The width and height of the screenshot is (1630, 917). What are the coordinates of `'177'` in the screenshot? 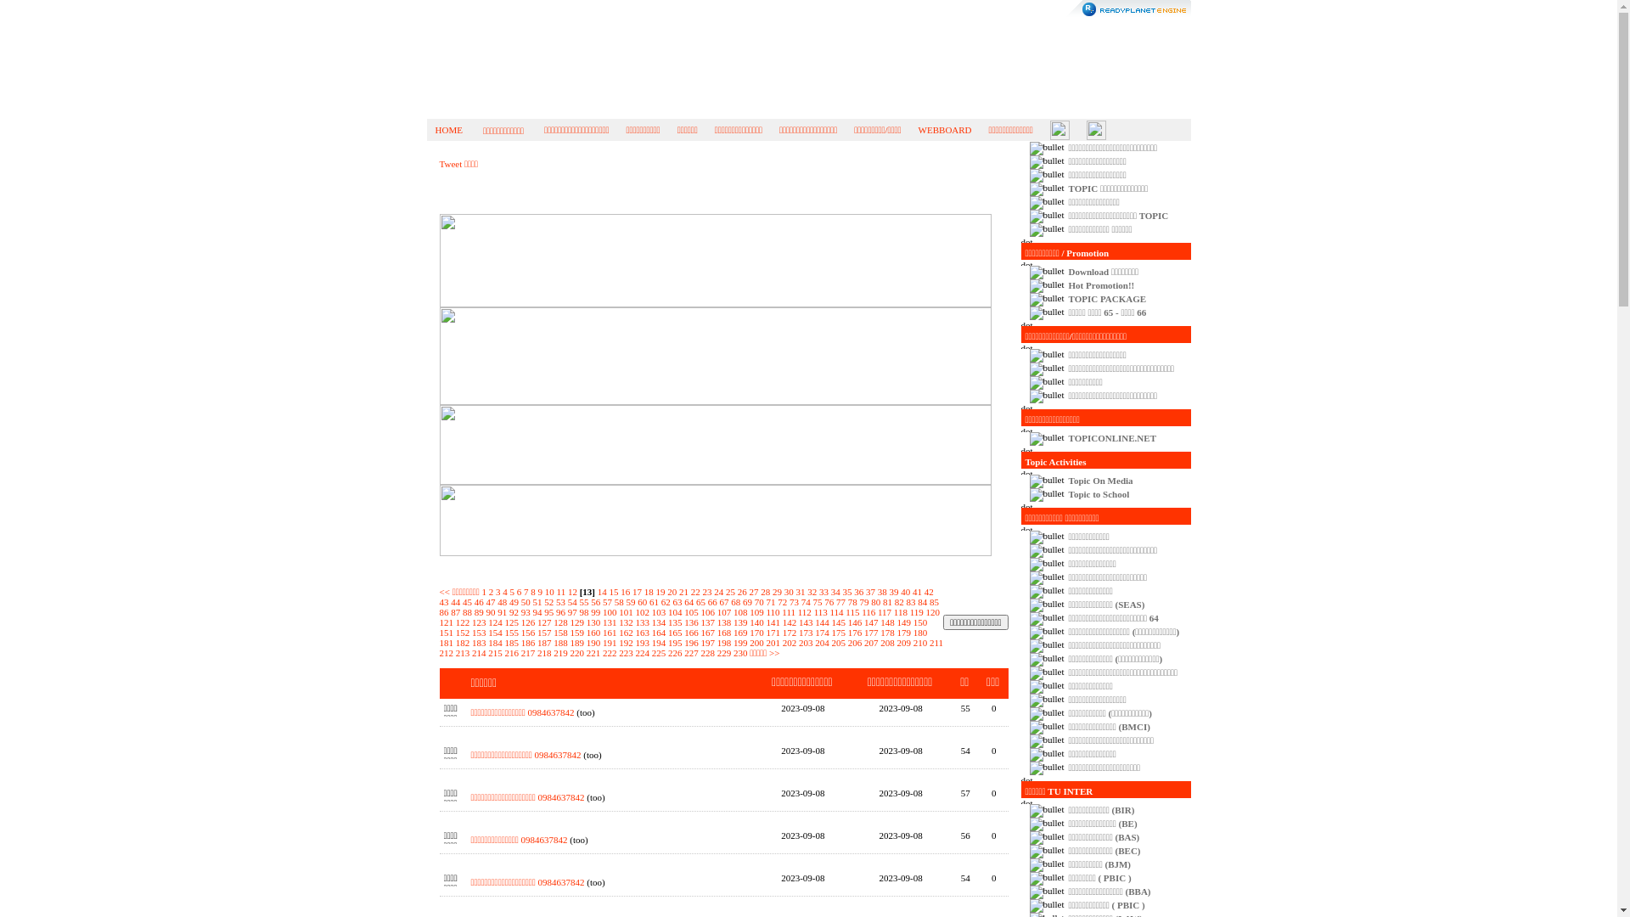 It's located at (871, 632).